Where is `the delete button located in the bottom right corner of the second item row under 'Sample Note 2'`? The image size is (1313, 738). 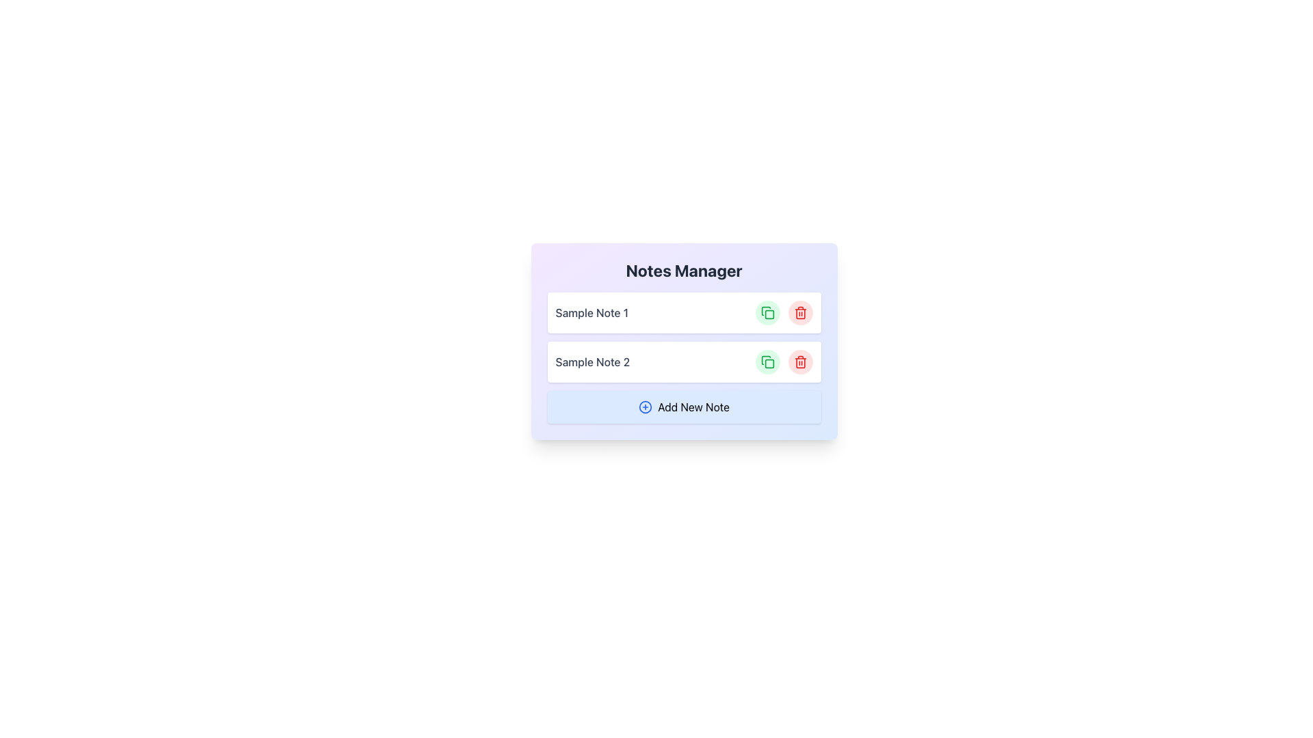 the delete button located in the bottom right corner of the second item row under 'Sample Note 2' is located at coordinates (800, 362).